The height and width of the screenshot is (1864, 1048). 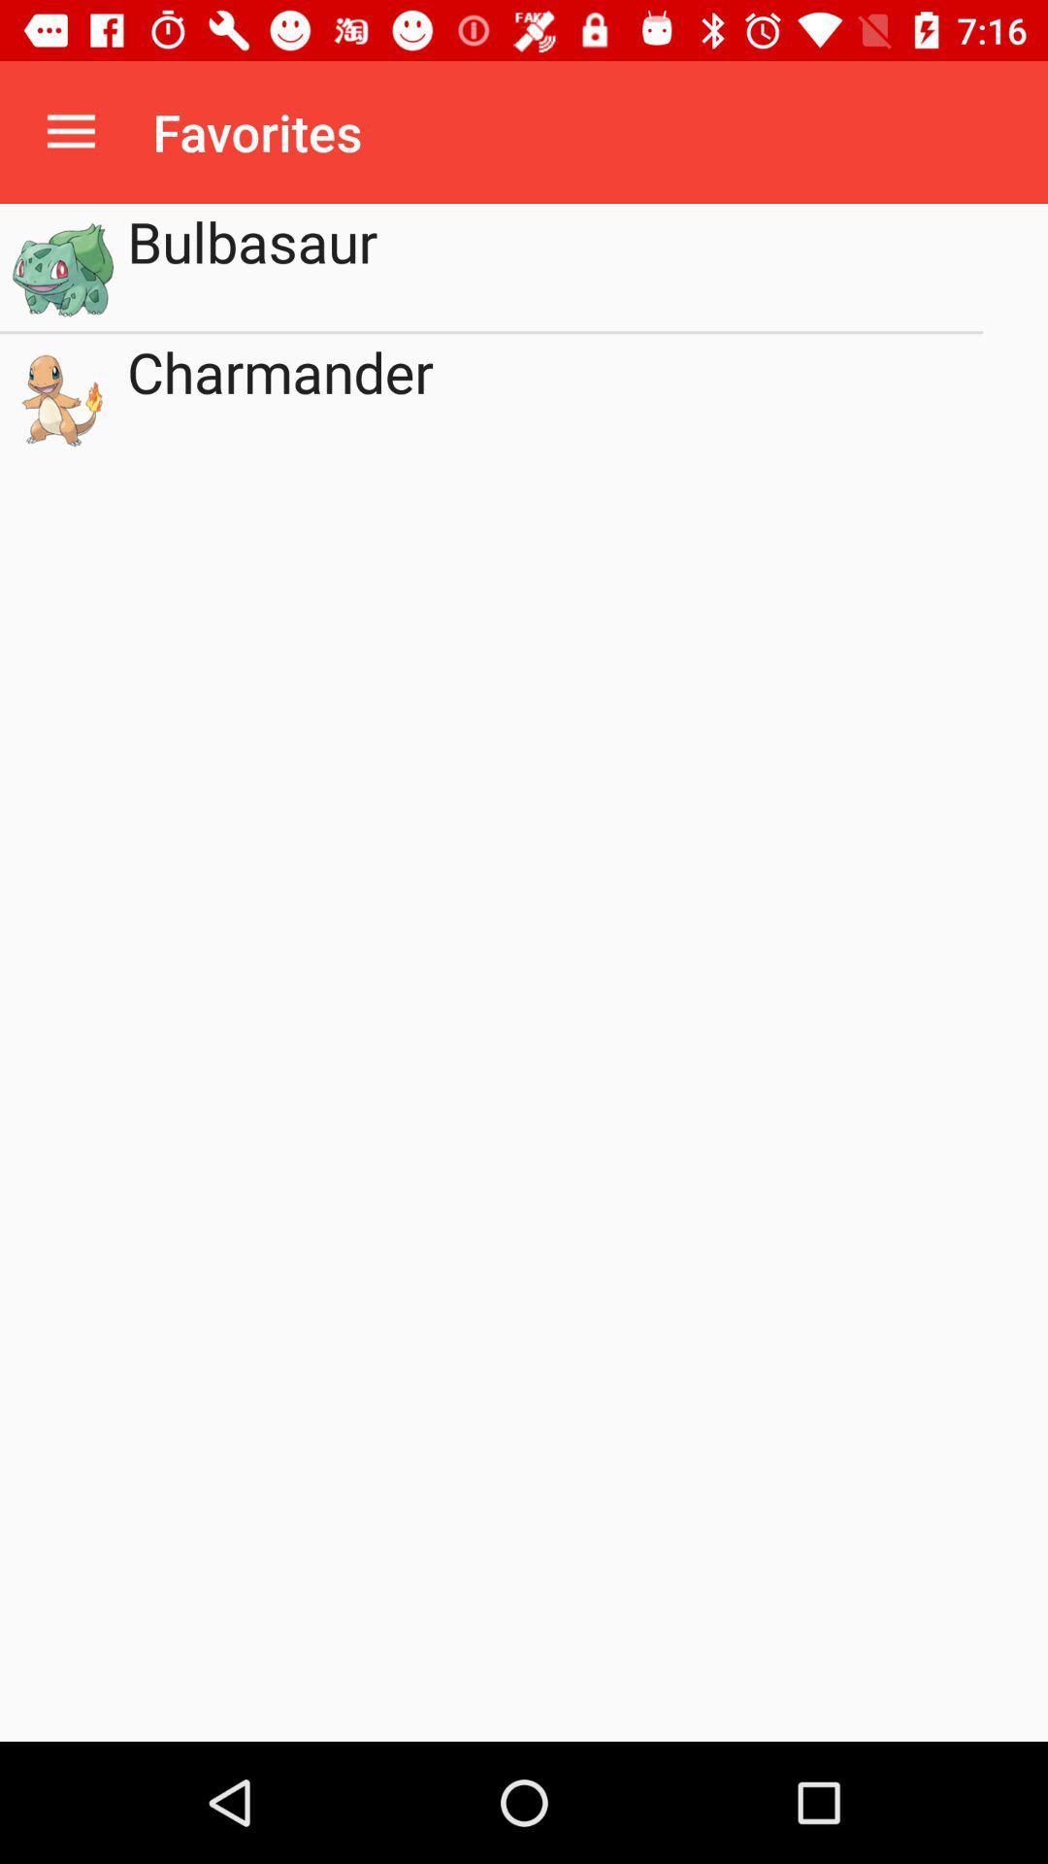 What do you see at coordinates (555, 266) in the screenshot?
I see `the bulbasaur item` at bounding box center [555, 266].